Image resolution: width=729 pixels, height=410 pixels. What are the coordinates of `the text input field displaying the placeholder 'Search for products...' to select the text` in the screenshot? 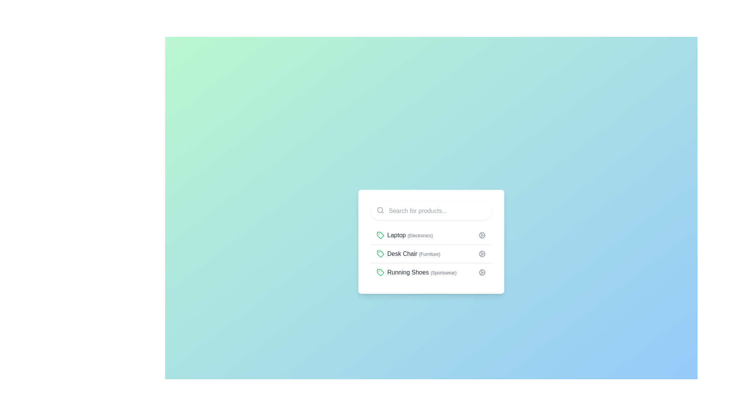 It's located at (431, 211).